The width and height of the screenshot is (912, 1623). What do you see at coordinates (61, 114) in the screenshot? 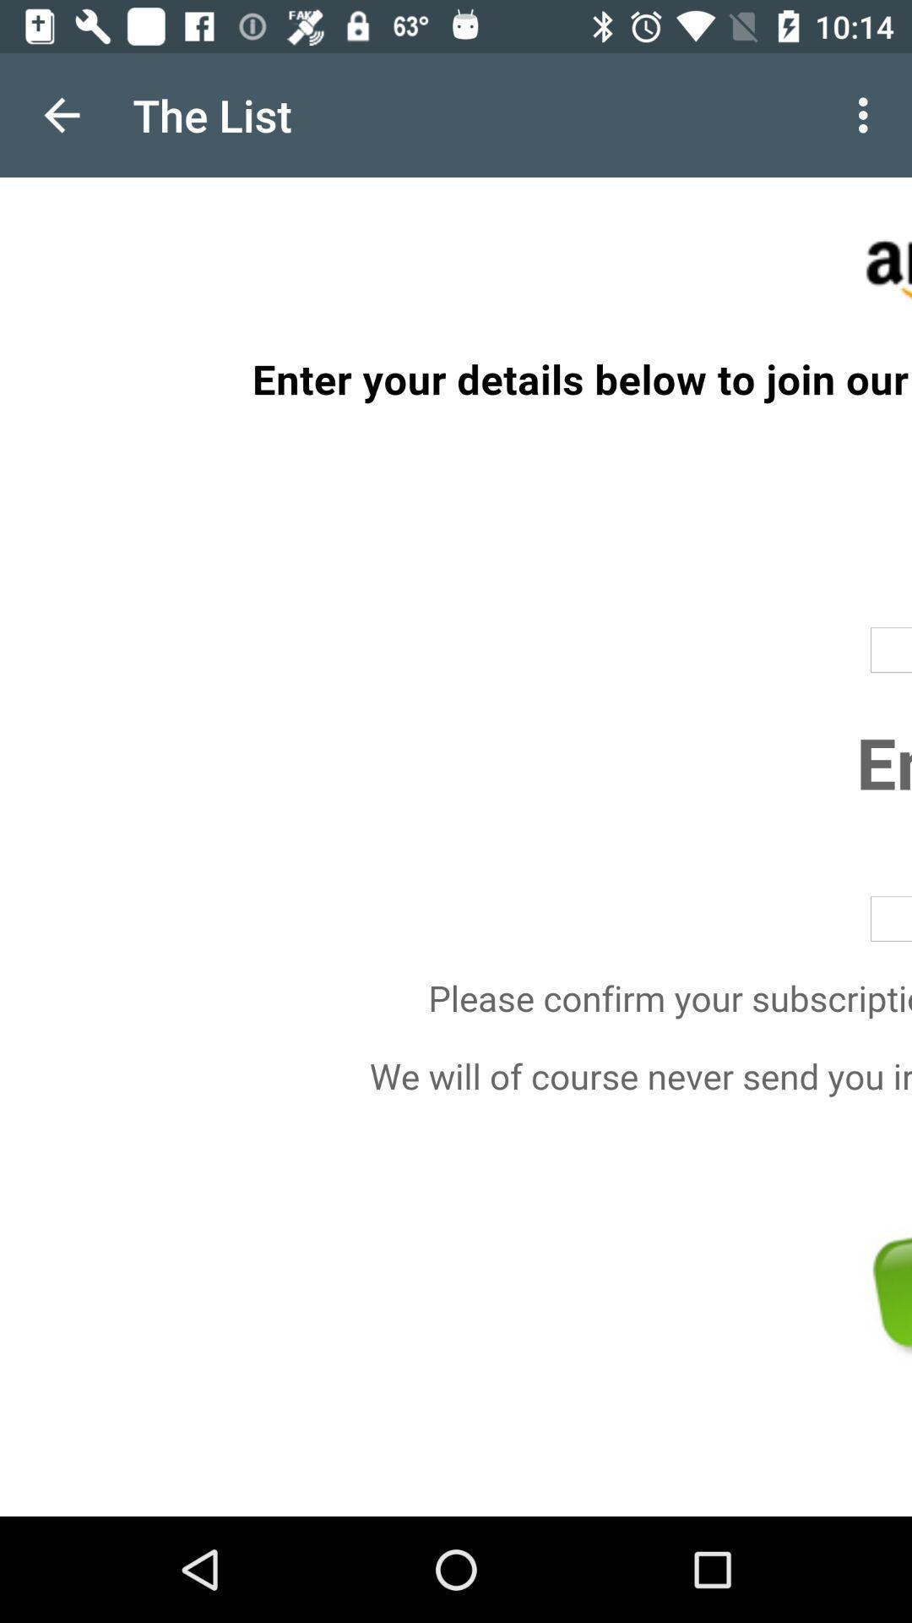
I see `the item next to the the list icon` at bounding box center [61, 114].